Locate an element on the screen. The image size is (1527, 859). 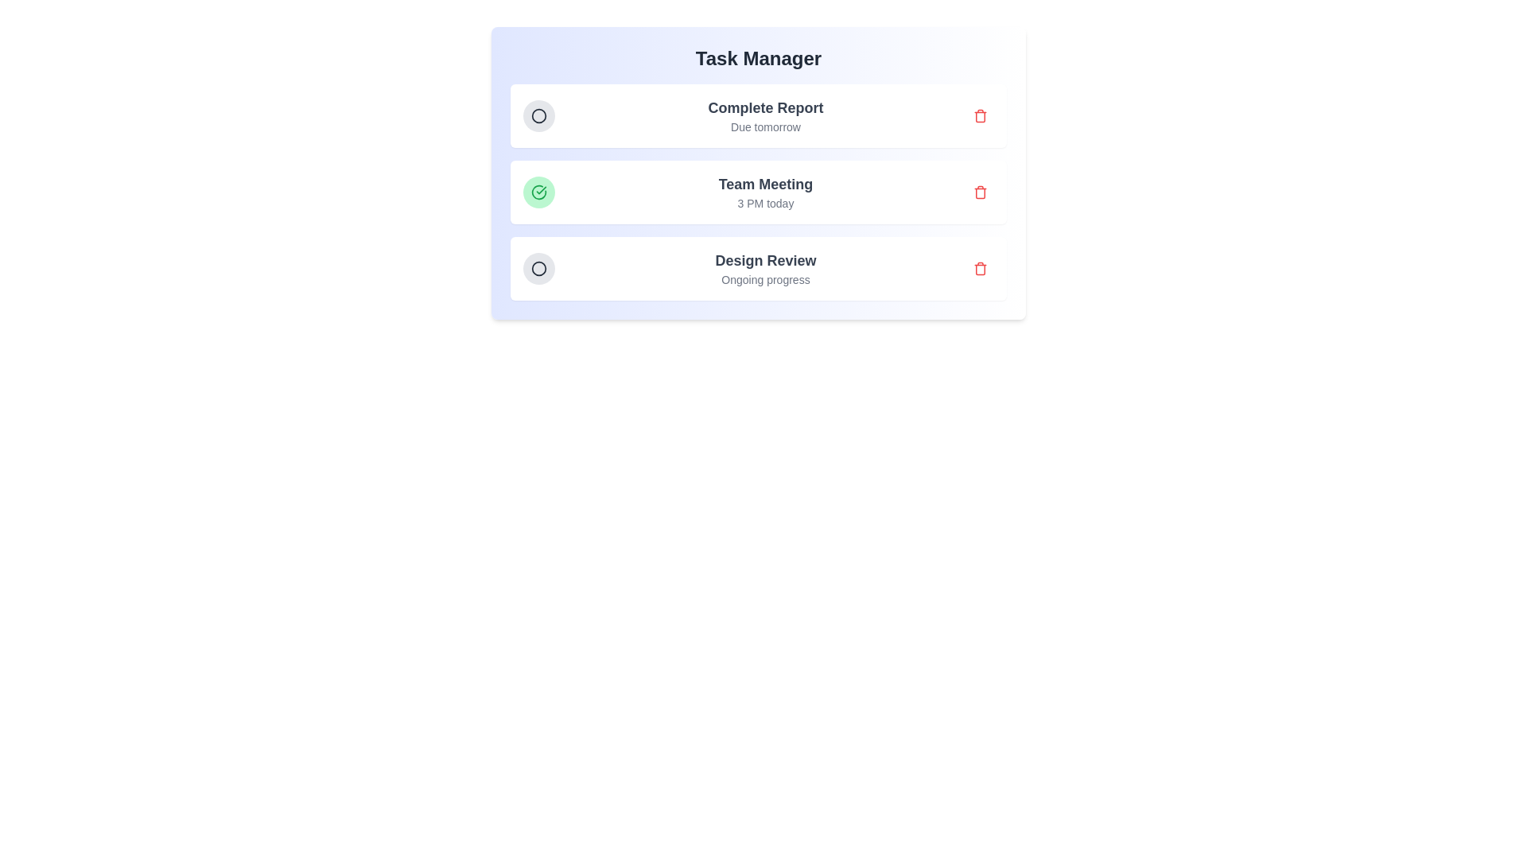
the text block displaying the title 'Design Review' and the status 'Ongoing progress' is located at coordinates (766, 268).